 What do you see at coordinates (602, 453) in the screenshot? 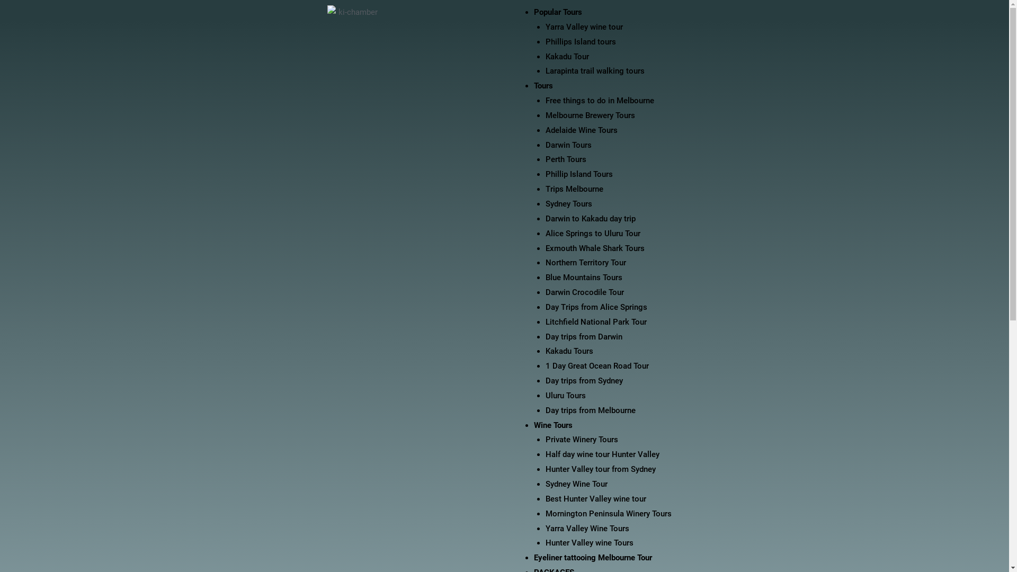
I see `'Half day wine tour Hunter Valley'` at bounding box center [602, 453].